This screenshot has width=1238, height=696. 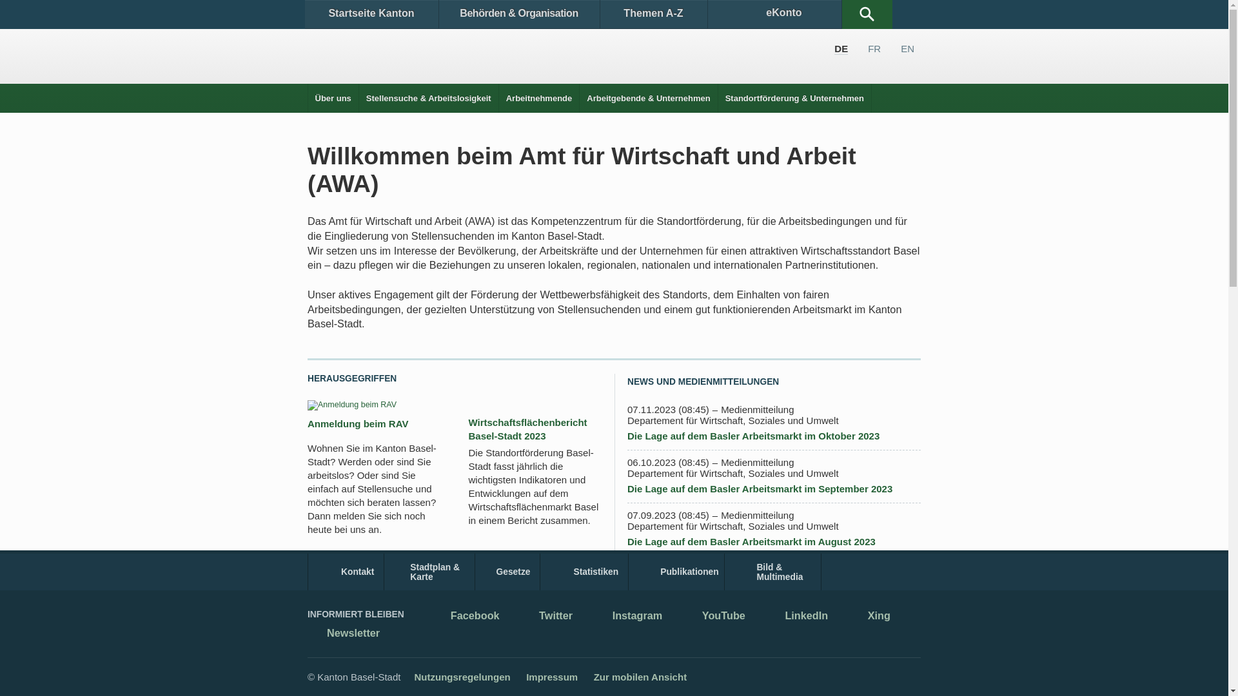 What do you see at coordinates (346, 571) in the screenshot?
I see `'Kontakt'` at bounding box center [346, 571].